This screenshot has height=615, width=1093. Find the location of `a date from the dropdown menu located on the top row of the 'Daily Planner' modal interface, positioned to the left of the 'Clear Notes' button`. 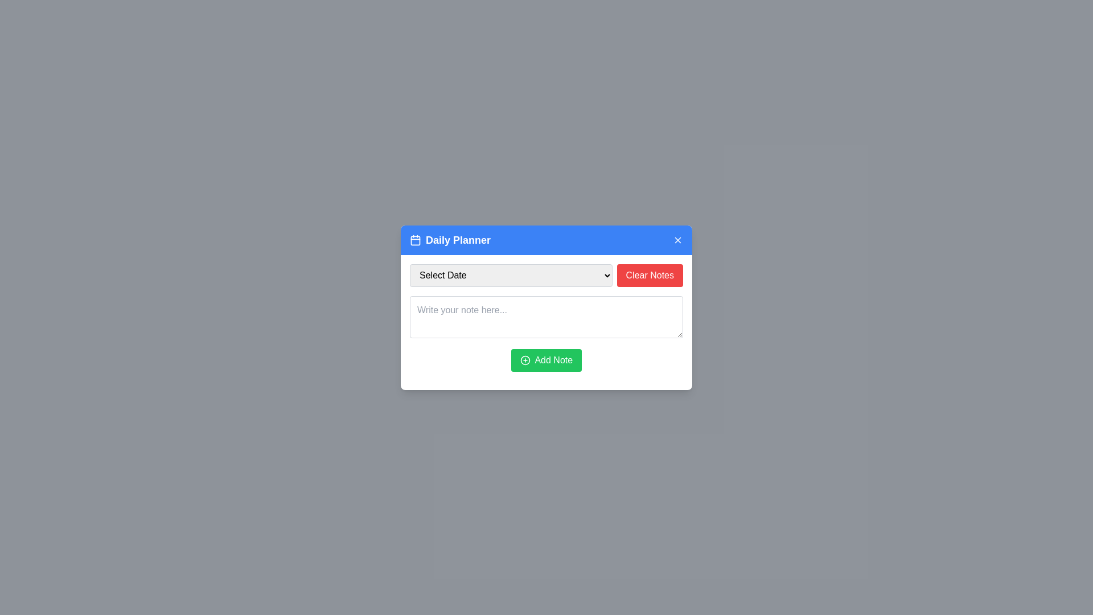

a date from the dropdown menu located on the top row of the 'Daily Planner' modal interface, positioned to the left of the 'Clear Notes' button is located at coordinates (546, 274).